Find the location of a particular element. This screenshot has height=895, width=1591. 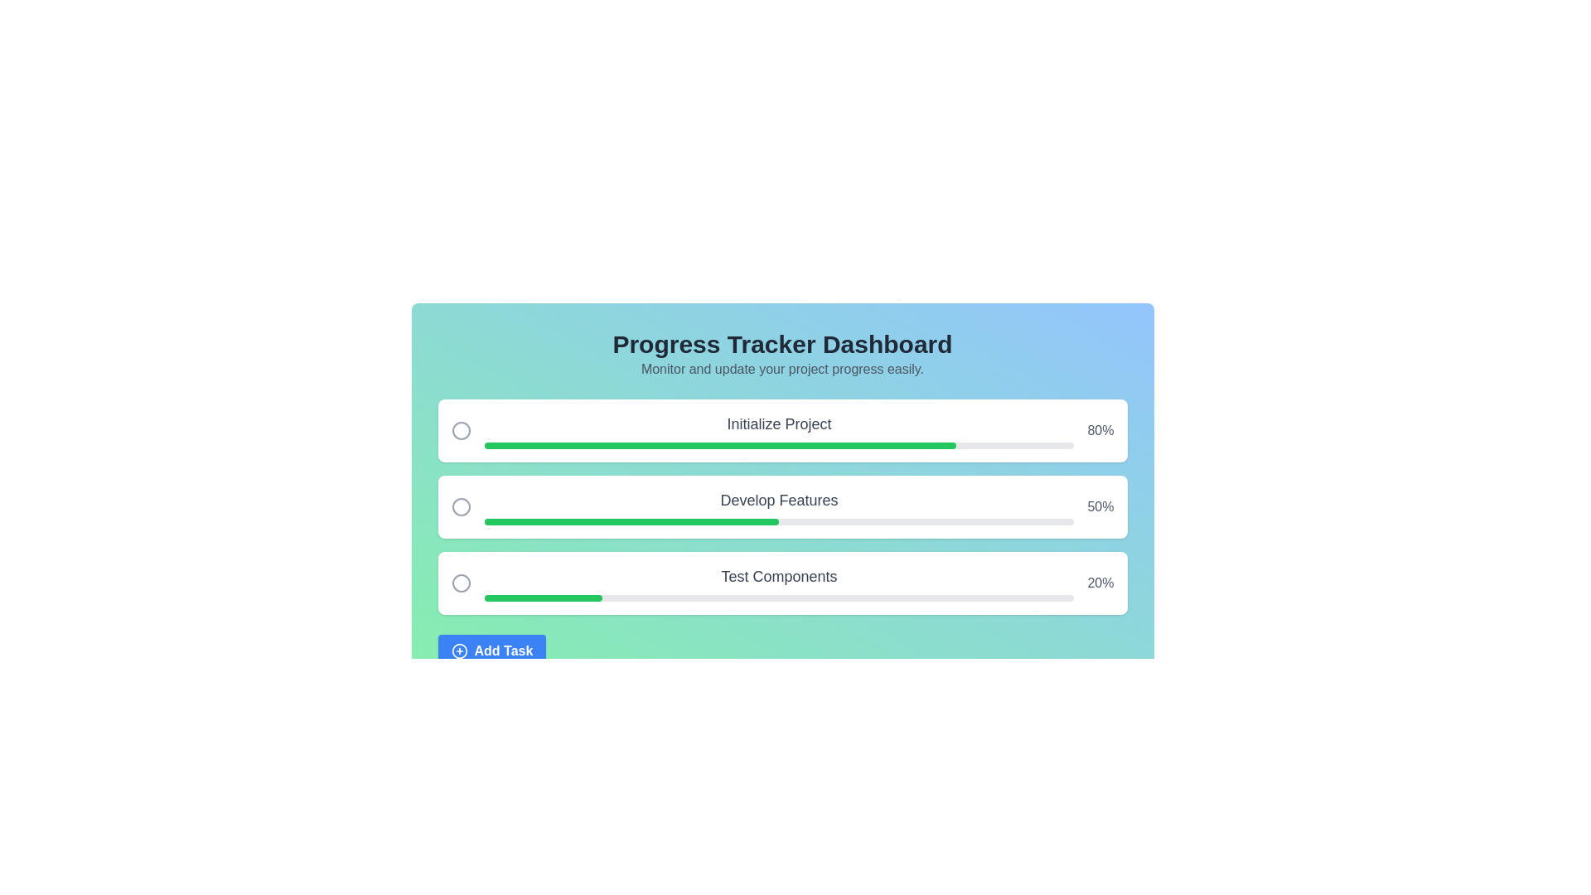

text element displaying '50%' located in the top-right corner of the 'Develop Features' row, adjacent to the progress bar is located at coordinates (1100, 506).